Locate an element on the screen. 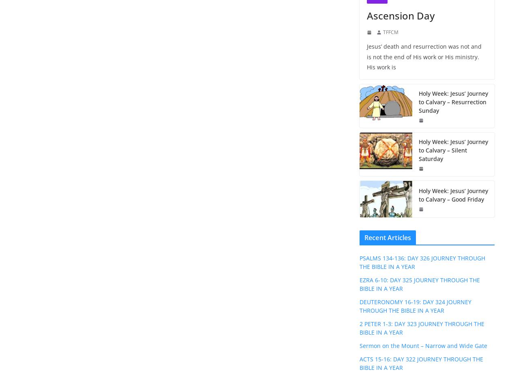  'PSALMS 134-136: DAY 326 JOURNEY THROUGH THE BIBLE IN A YEAR' is located at coordinates (422, 262).